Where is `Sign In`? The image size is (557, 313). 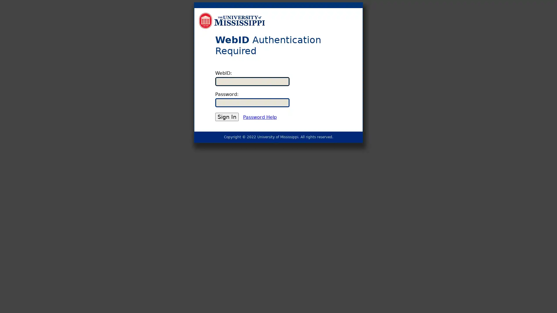 Sign In is located at coordinates (227, 117).